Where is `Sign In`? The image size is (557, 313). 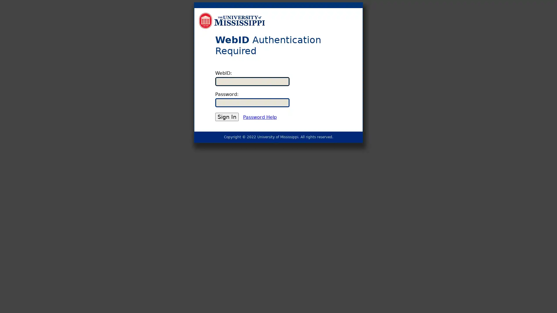 Sign In is located at coordinates (227, 117).